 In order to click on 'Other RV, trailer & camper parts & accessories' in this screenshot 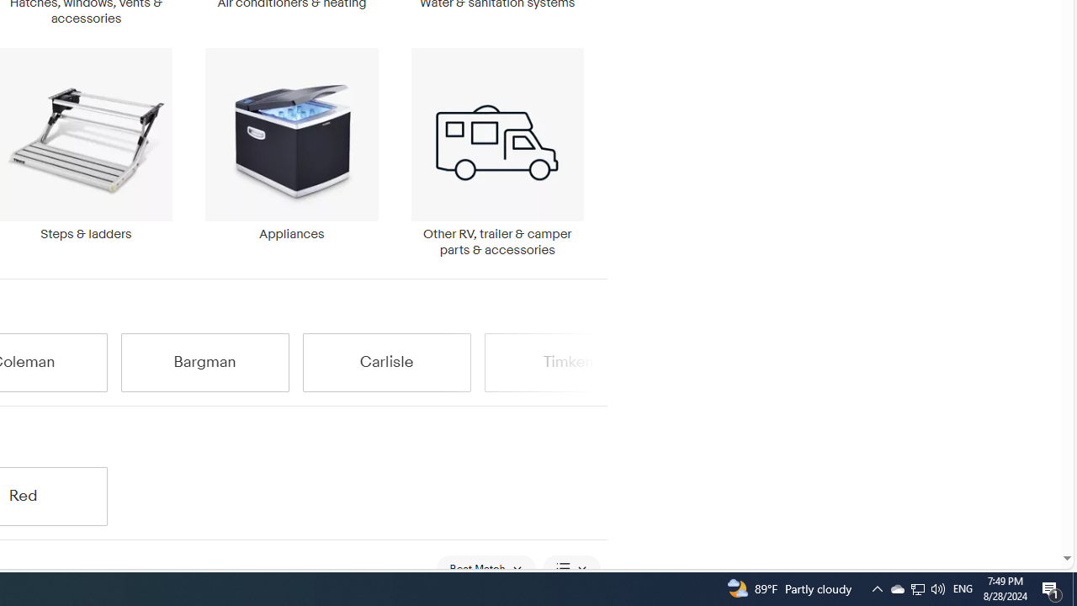, I will do `click(496, 152)`.